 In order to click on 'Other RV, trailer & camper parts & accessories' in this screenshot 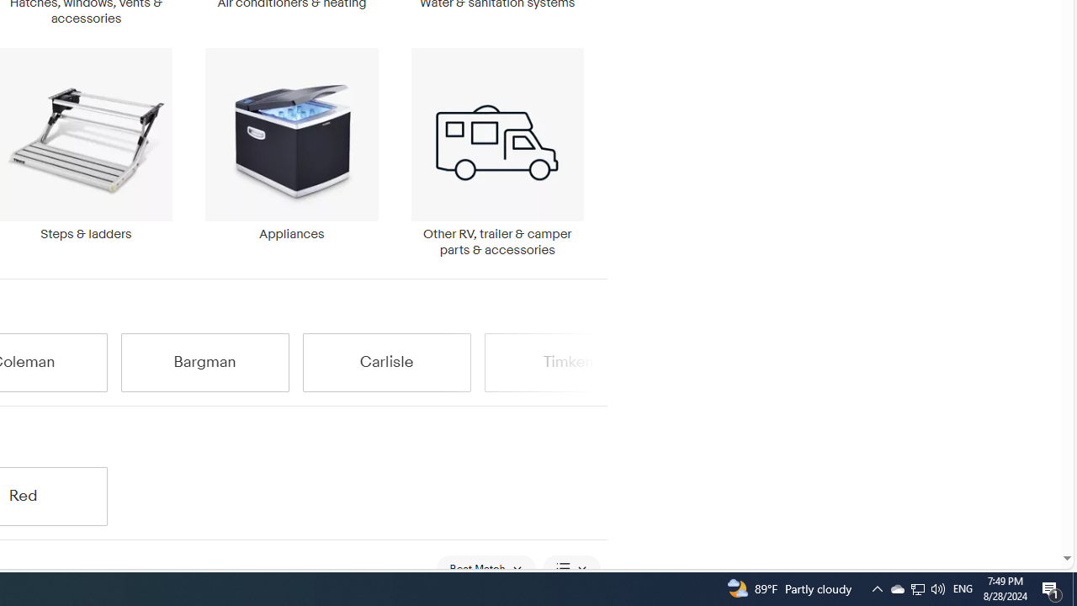, I will do `click(496, 152)`.